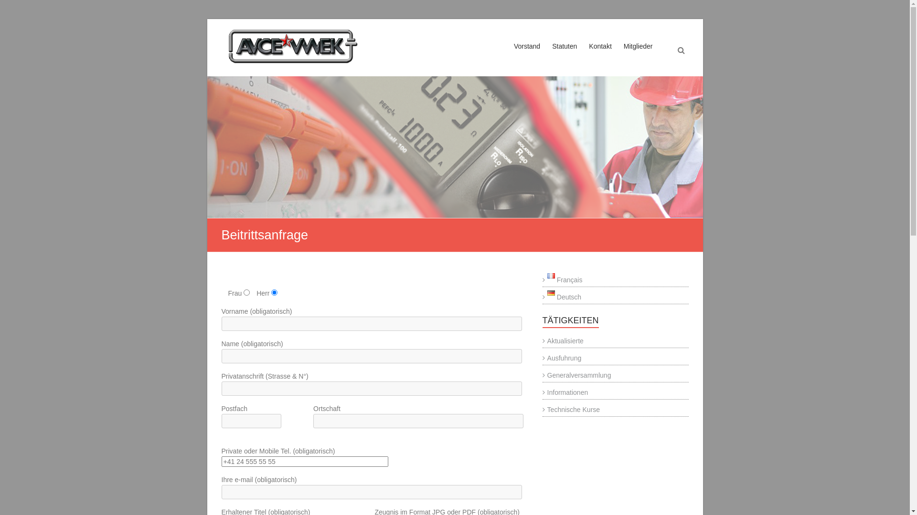 The height and width of the screenshot is (515, 917). Describe the element at coordinates (599, 55) in the screenshot. I see `'Kontakt'` at that location.